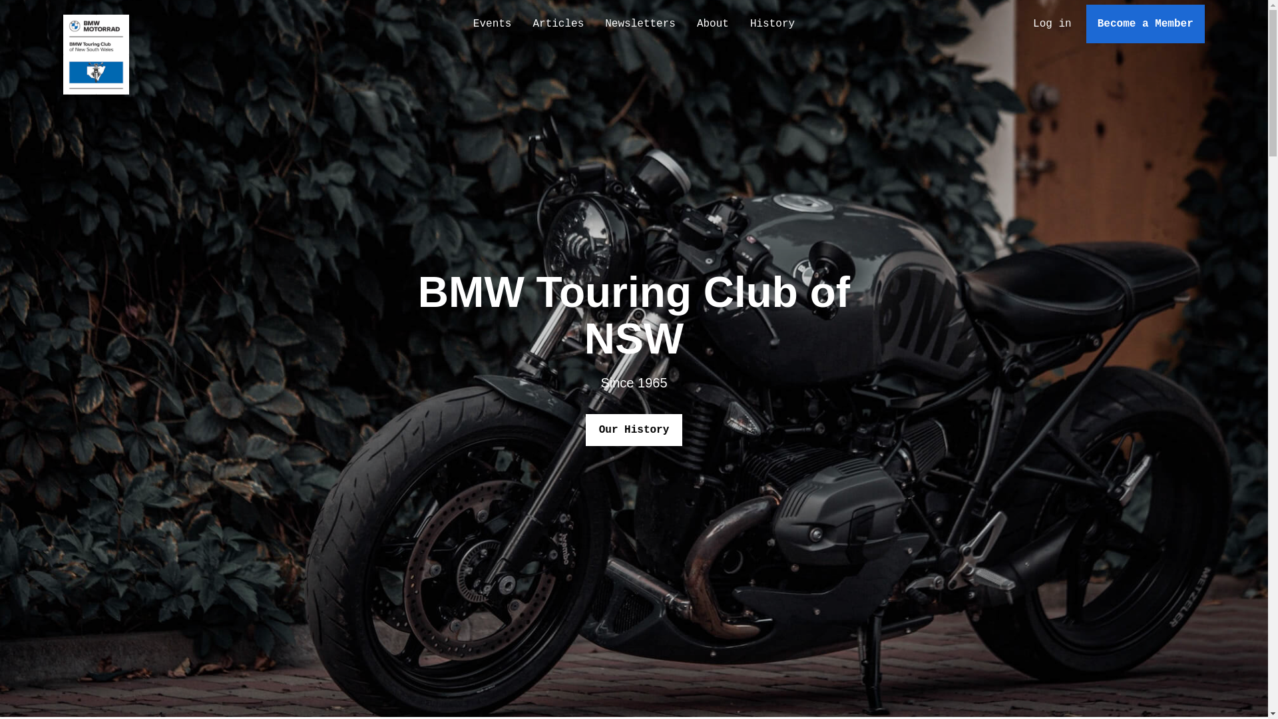  I want to click on 'Events', so click(491, 23).